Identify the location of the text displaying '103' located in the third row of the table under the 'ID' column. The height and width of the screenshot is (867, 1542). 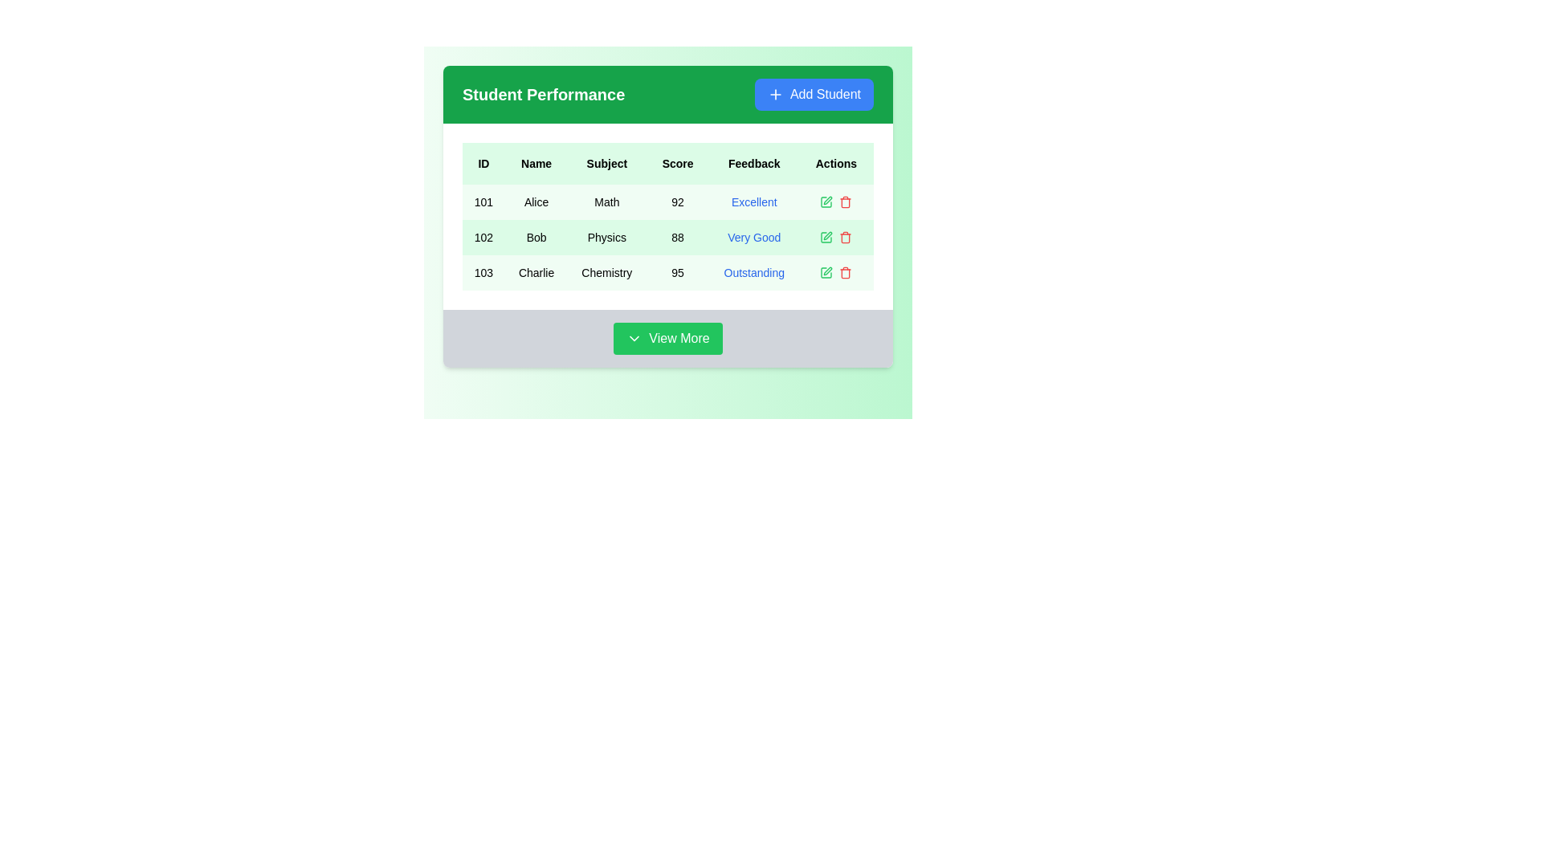
(483, 271).